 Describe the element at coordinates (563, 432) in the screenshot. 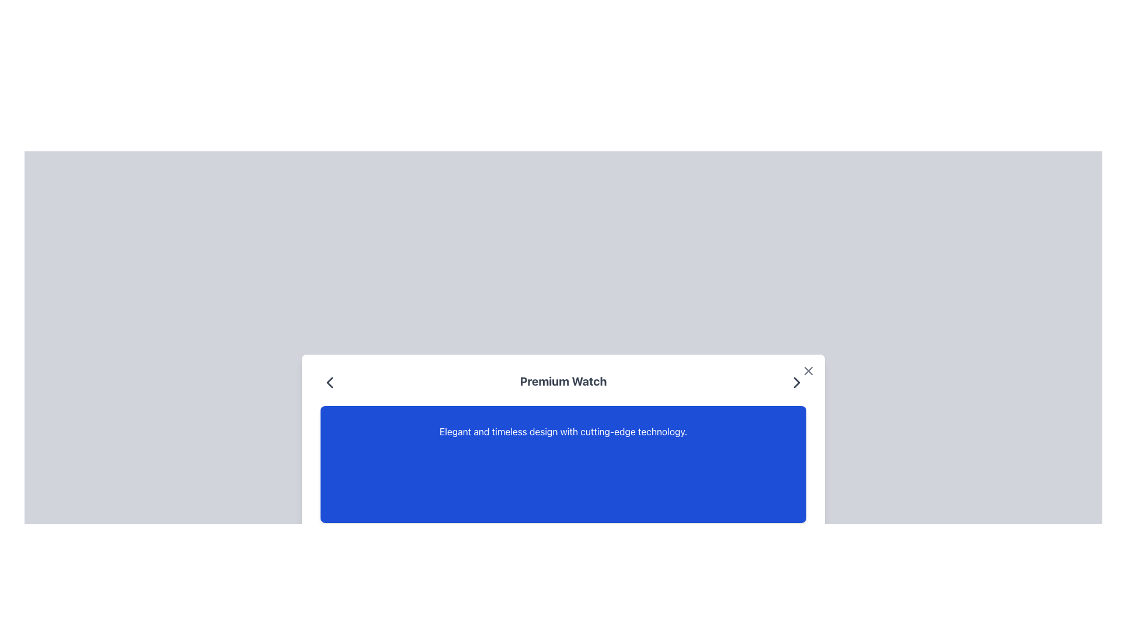

I see `text 'Elegant and timeless design with cutting-edge technology.' from the centered text block within the blue rectangular background located below the 'Premium Watch' header bar` at that location.